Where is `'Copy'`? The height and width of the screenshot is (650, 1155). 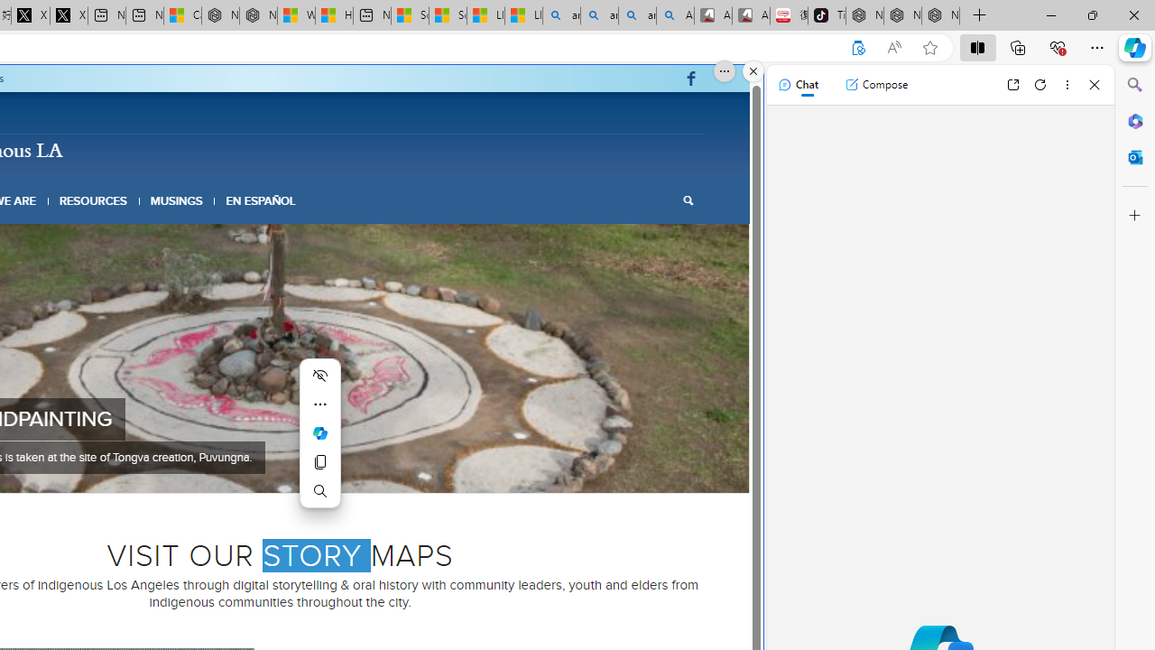
'Copy' is located at coordinates (320, 460).